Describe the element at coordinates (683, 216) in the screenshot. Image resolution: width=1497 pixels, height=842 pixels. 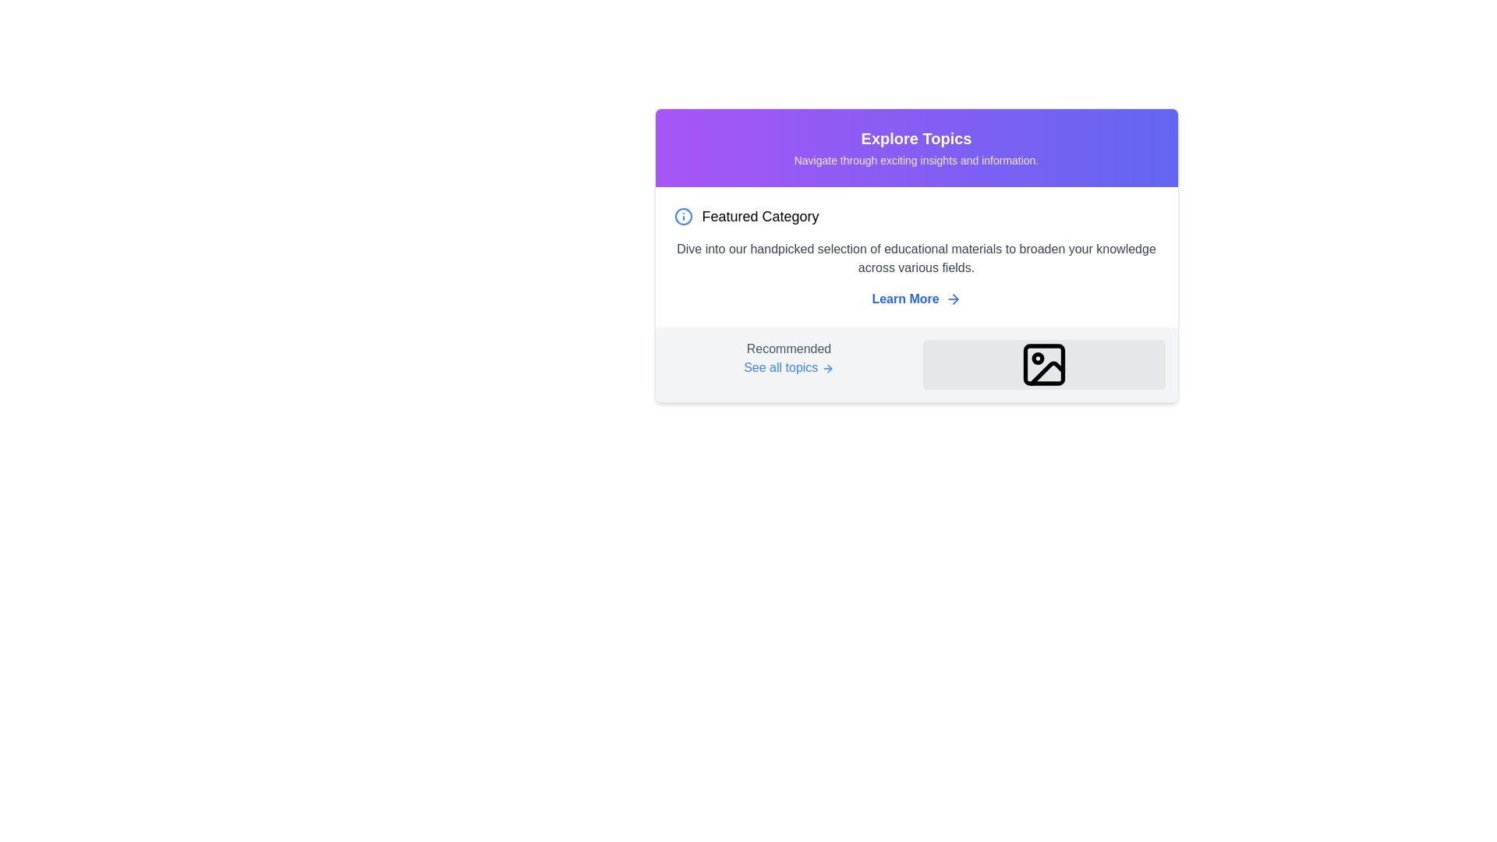
I see `the circular blue icon with a white 'i' symbol, located to the left of the text 'Featured Category' in the card-like interface` at that location.